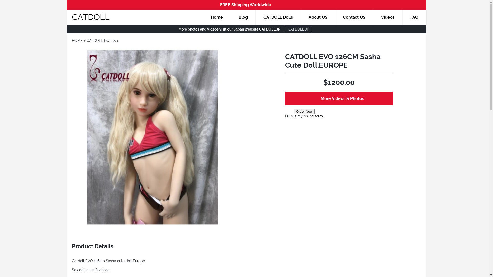  I want to click on 'CATDOLL', so click(91, 17).